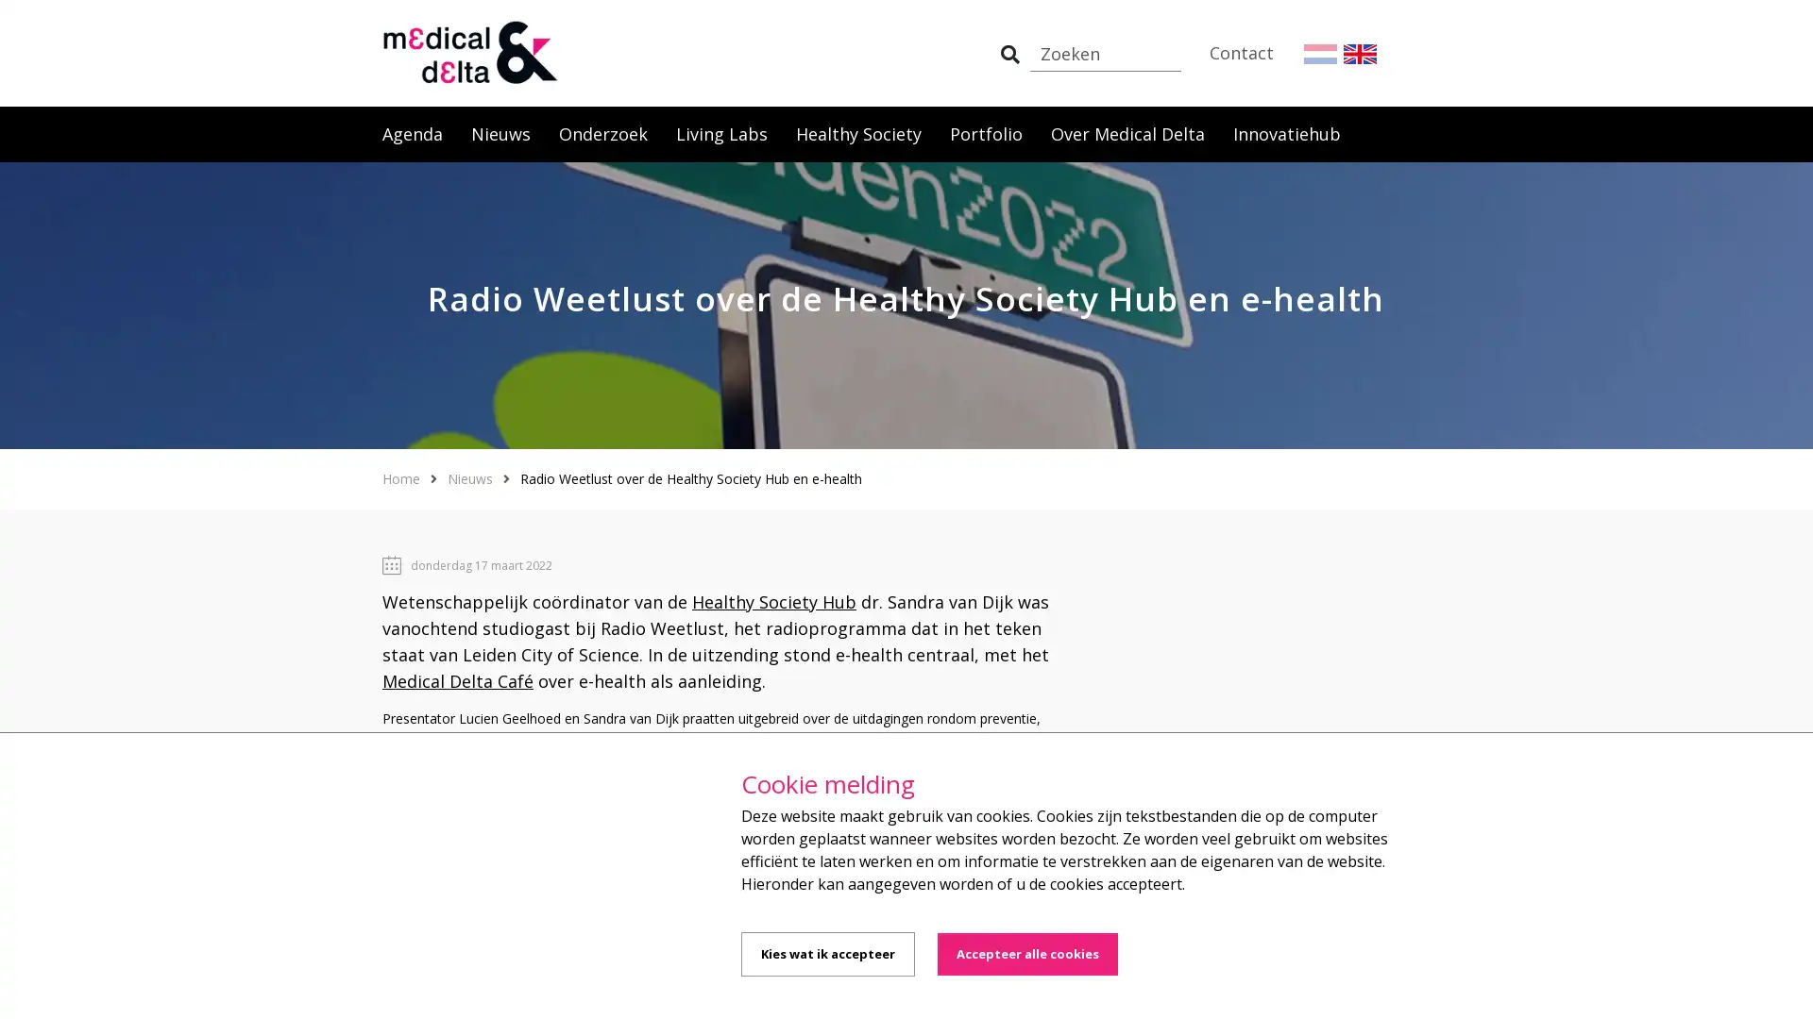 Image resolution: width=1813 pixels, height=1019 pixels. I want to click on Accepteer alle cookies, so click(1026, 954).